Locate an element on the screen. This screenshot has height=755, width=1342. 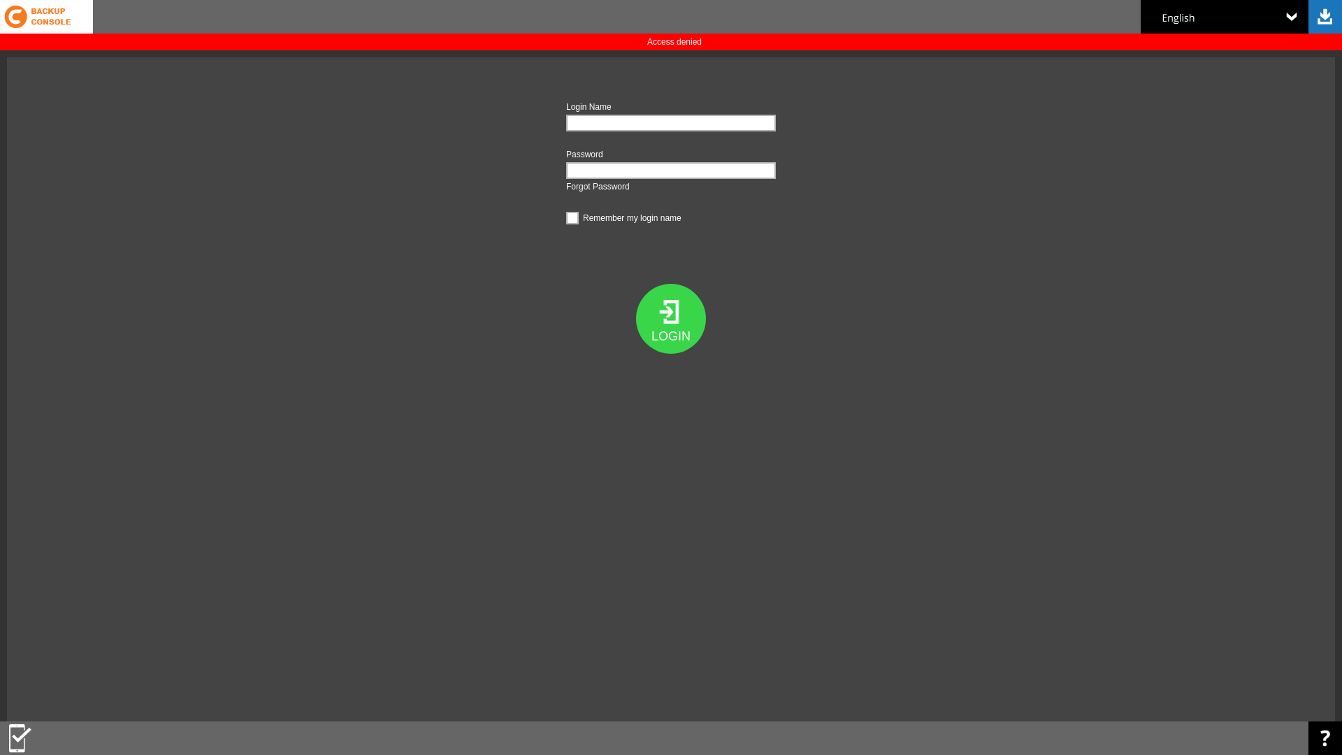
'Forgot Password' is located at coordinates (566, 185).